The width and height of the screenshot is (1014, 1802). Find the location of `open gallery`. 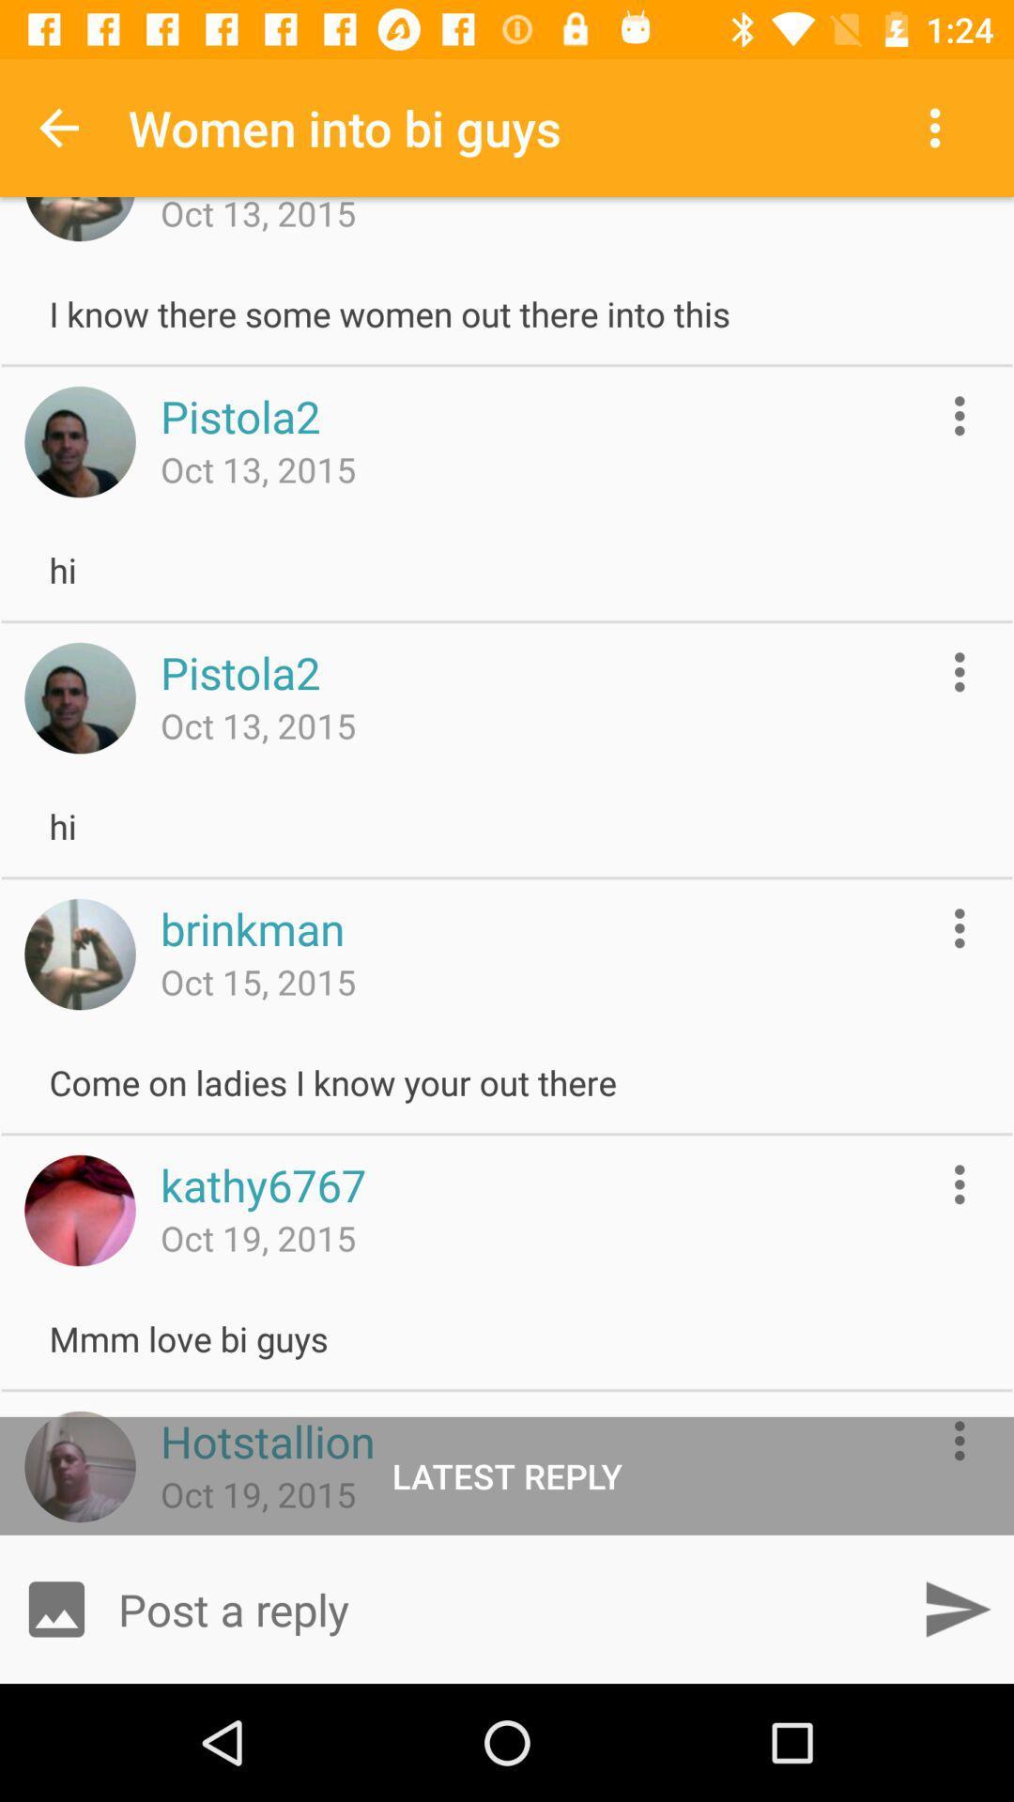

open gallery is located at coordinates (55, 1608).